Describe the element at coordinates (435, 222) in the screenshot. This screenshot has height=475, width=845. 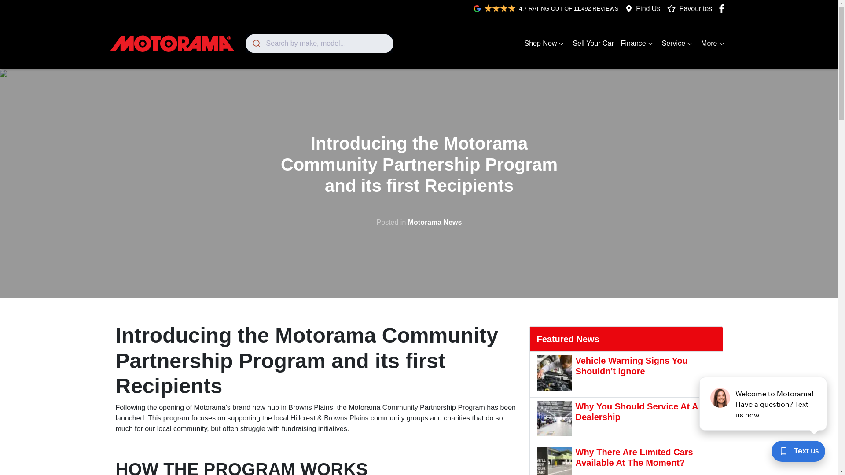
I see `'Motorama News'` at that location.